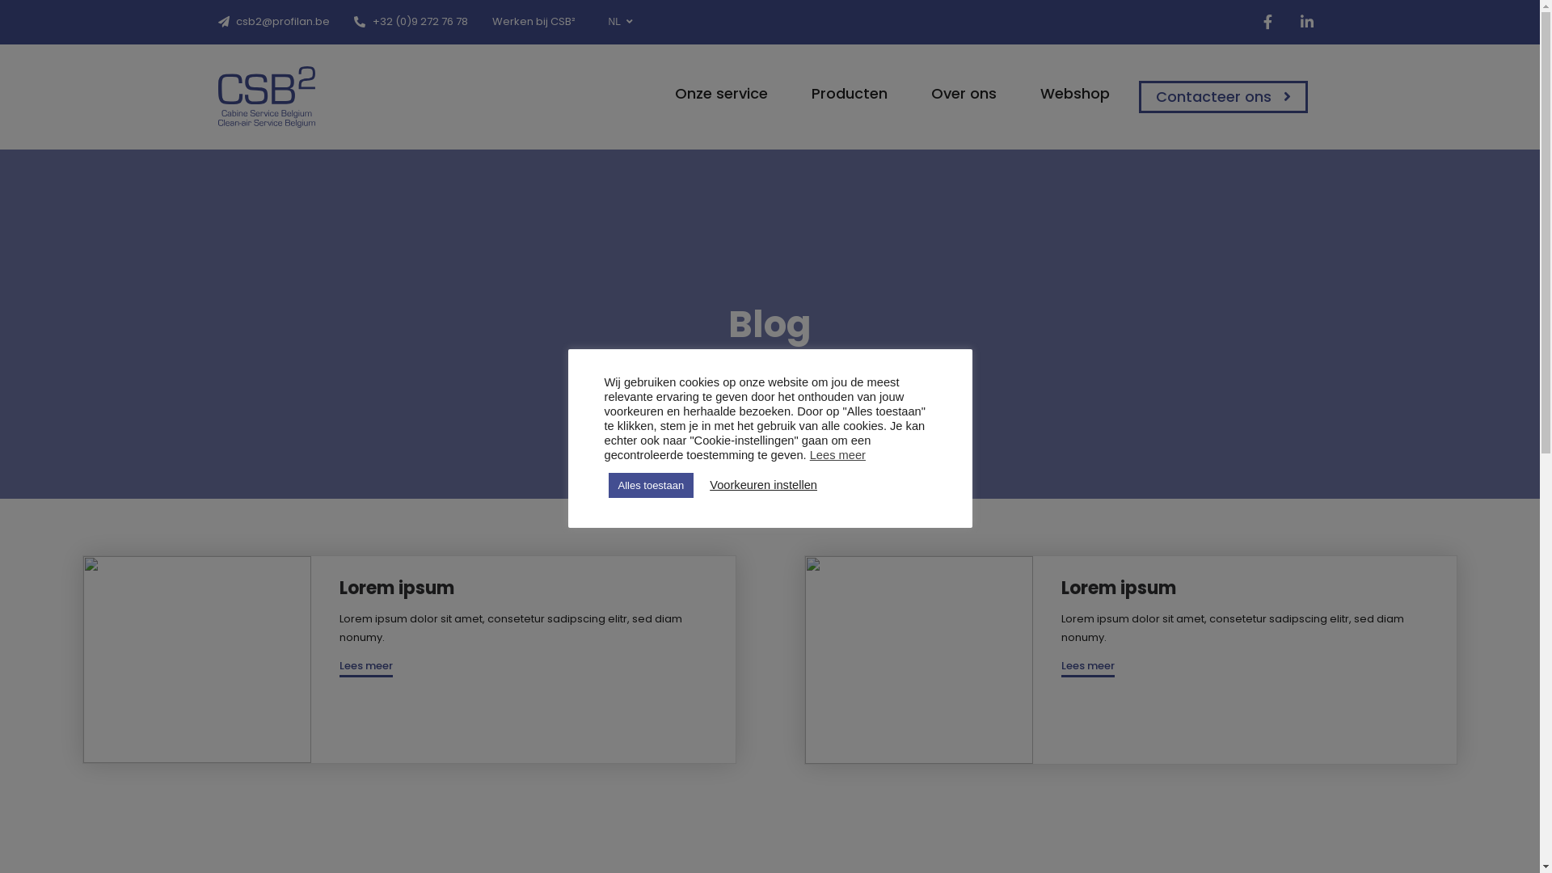 This screenshot has width=1552, height=873. Describe the element at coordinates (762, 484) in the screenshot. I see `'Voorkeuren instellen'` at that location.